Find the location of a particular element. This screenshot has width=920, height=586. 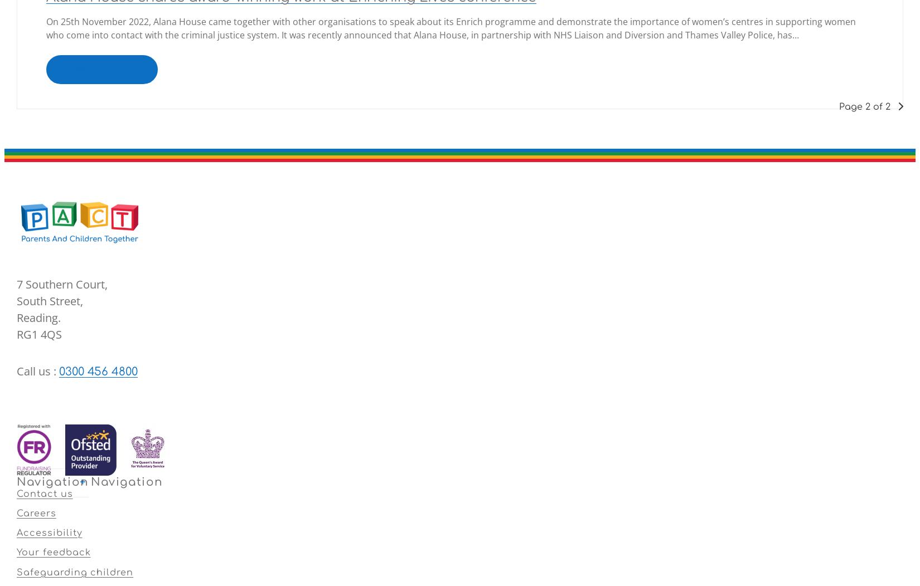

'Careers' is located at coordinates (36, 512).